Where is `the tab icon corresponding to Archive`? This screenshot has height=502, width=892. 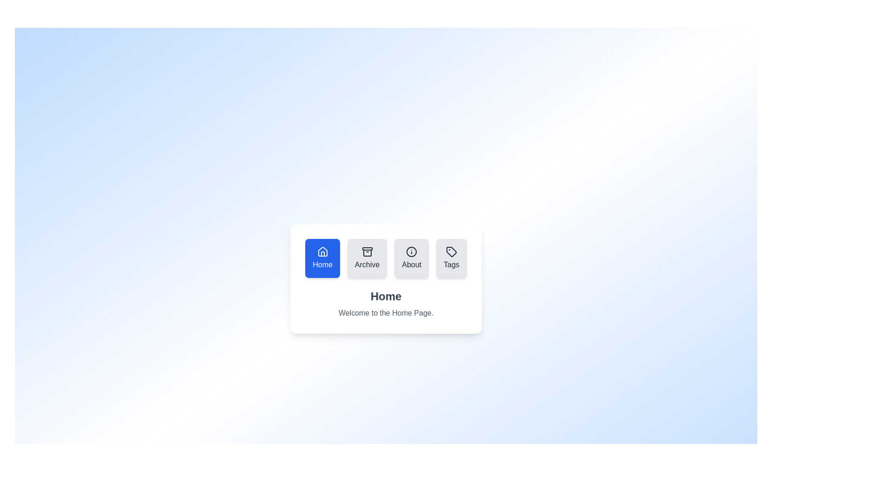
the tab icon corresponding to Archive is located at coordinates (367, 258).